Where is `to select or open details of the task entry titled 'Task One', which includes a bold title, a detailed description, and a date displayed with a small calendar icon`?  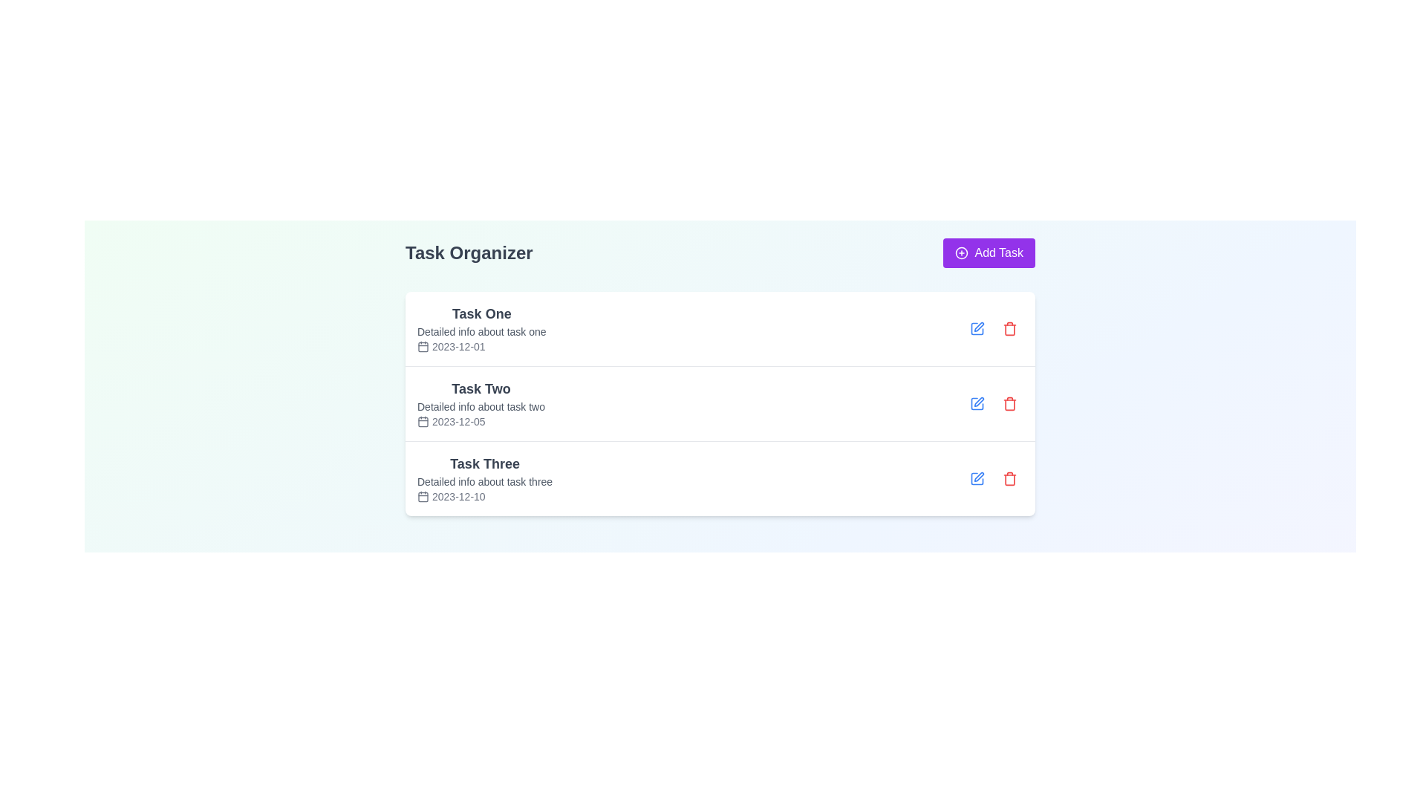 to select or open details of the task entry titled 'Task One', which includes a bold title, a detailed description, and a date displayed with a small calendar icon is located at coordinates (481, 328).